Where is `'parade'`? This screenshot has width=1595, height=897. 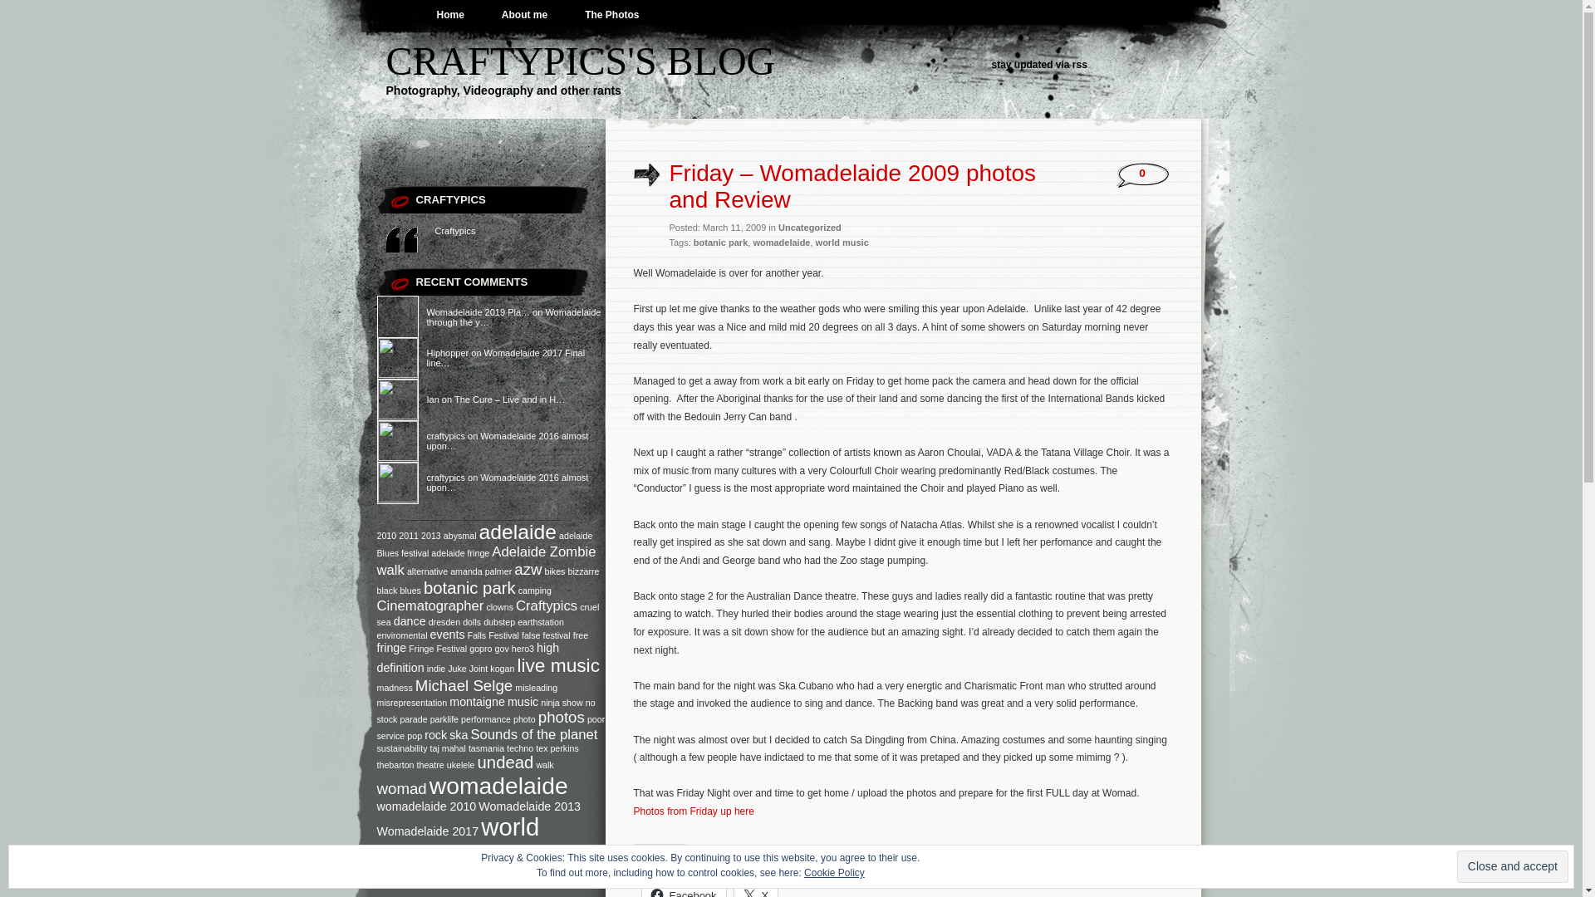
'parade' is located at coordinates (413, 718).